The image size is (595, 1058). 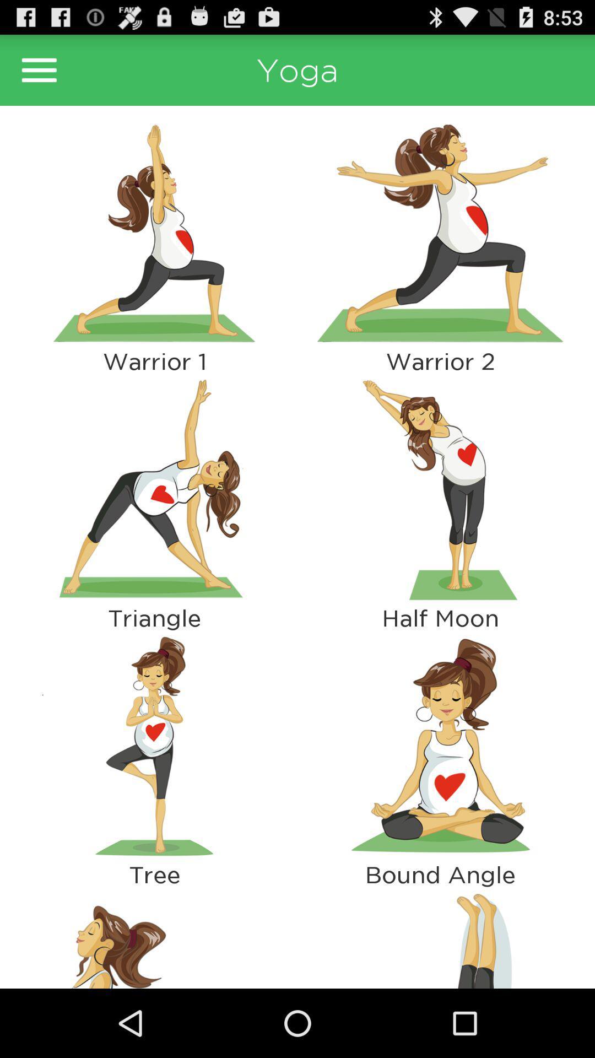 What do you see at coordinates (440, 937) in the screenshot?
I see `app below tree app` at bounding box center [440, 937].